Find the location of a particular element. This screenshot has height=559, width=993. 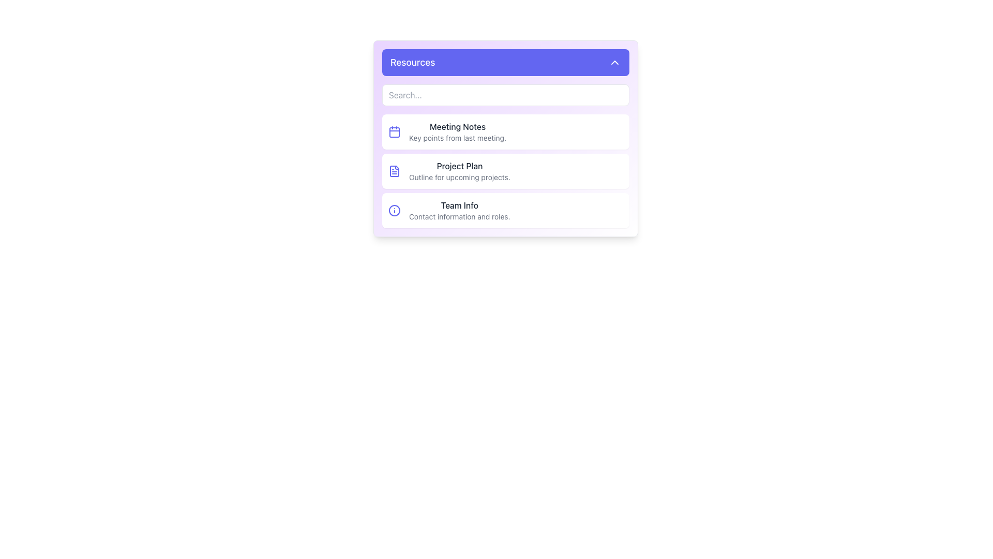

the text element 'Project Plan', which is displayed in bold, medium-sized dark gray font, located within the 'Resources' section of the card-like interface is located at coordinates (459, 165).